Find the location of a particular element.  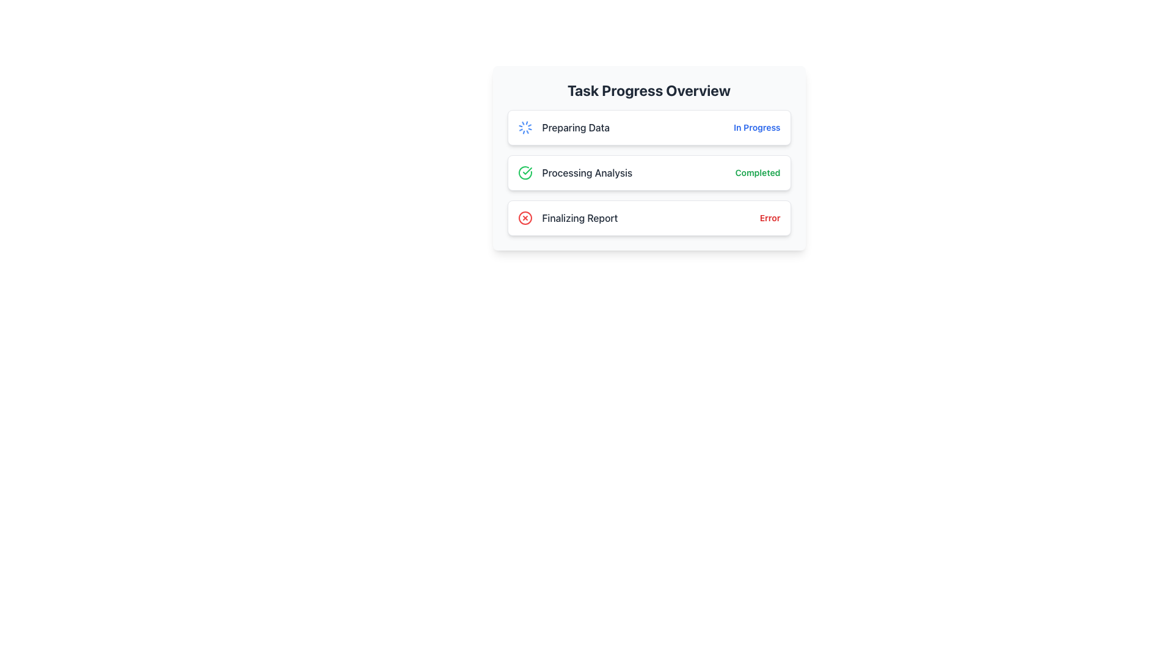

the Static Text Header labeled 'Task Progress Overview', which is styled with bold, large font and dark gray color, located at the top of a card layout is located at coordinates (648, 89).